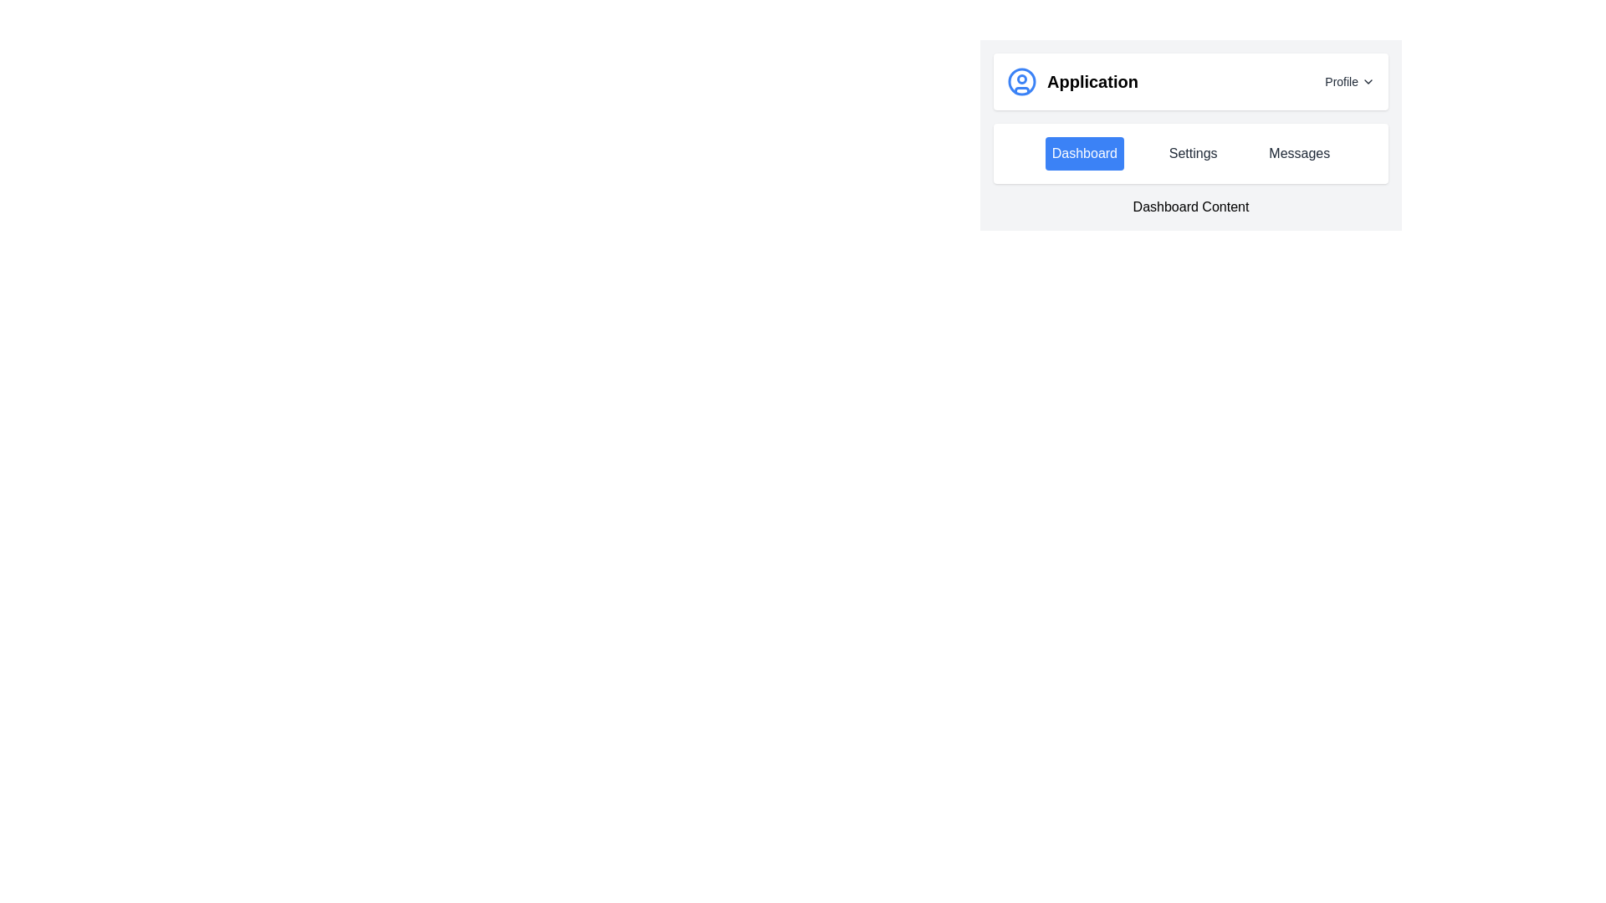  Describe the element at coordinates (1298, 154) in the screenshot. I see `the navigation button for the 'Messages' section, which is the third button in a row of three buttons, following the 'Settings' button` at that location.